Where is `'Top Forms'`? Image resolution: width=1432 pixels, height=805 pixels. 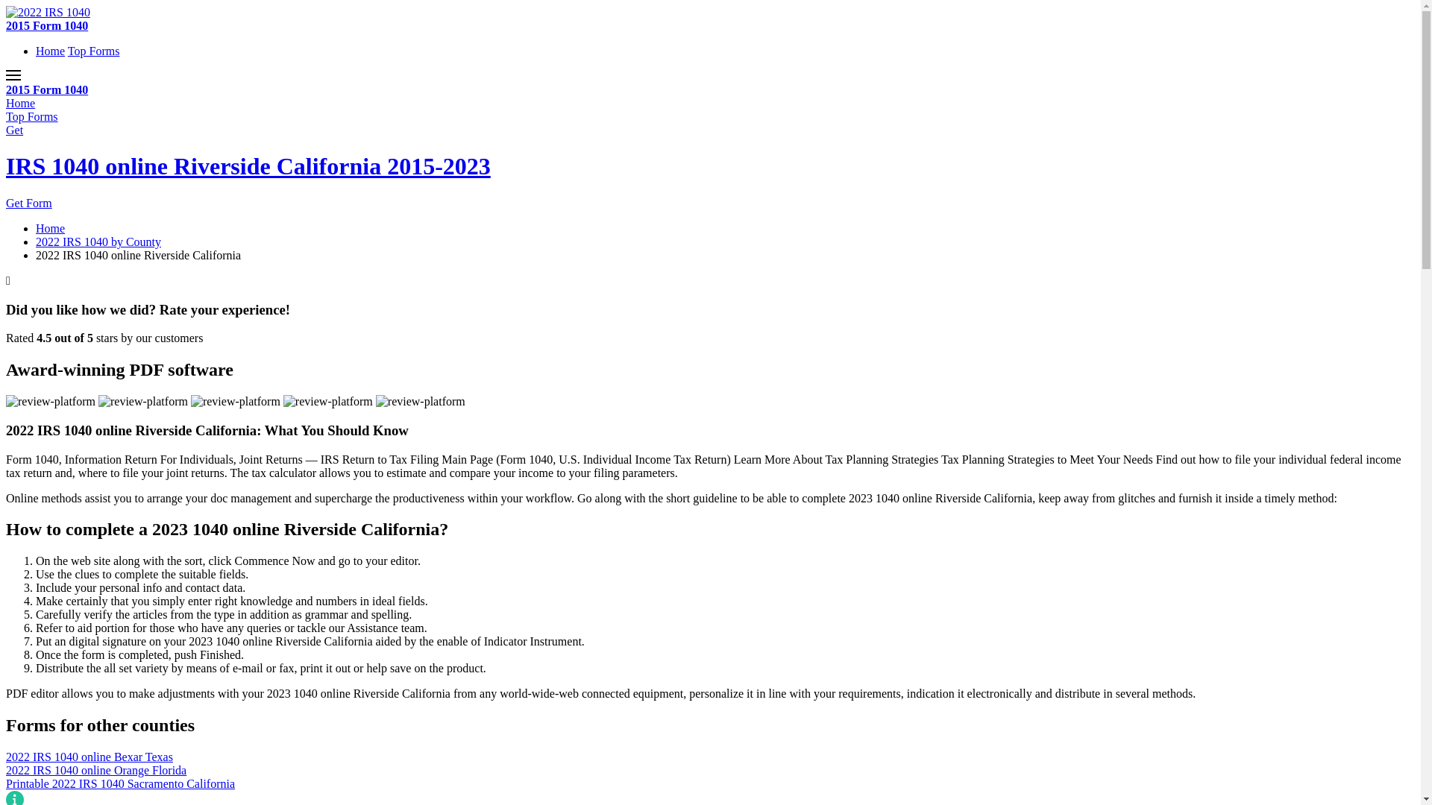
'Top Forms' is located at coordinates (92, 50).